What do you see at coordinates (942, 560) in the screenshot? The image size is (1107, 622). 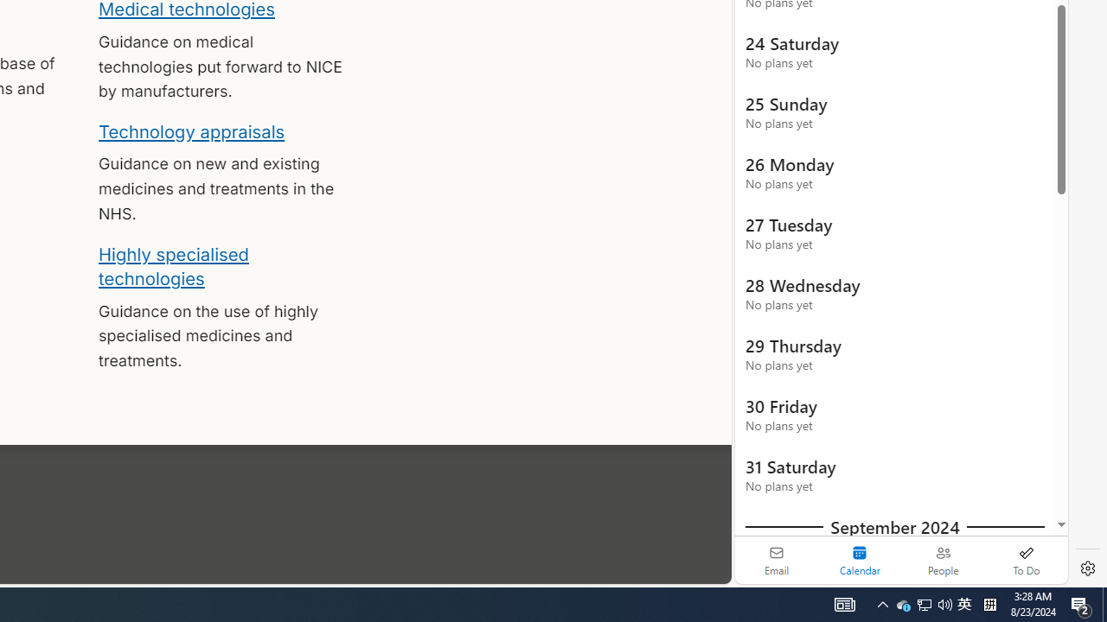 I see `'People'` at bounding box center [942, 560].